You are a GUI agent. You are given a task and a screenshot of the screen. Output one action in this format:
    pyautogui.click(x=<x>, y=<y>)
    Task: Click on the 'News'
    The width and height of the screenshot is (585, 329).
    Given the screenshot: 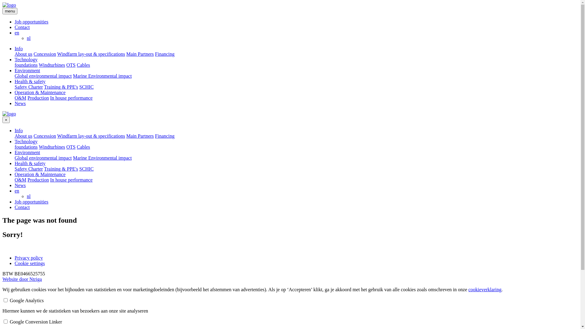 What is the action you would take?
    pyautogui.click(x=20, y=103)
    